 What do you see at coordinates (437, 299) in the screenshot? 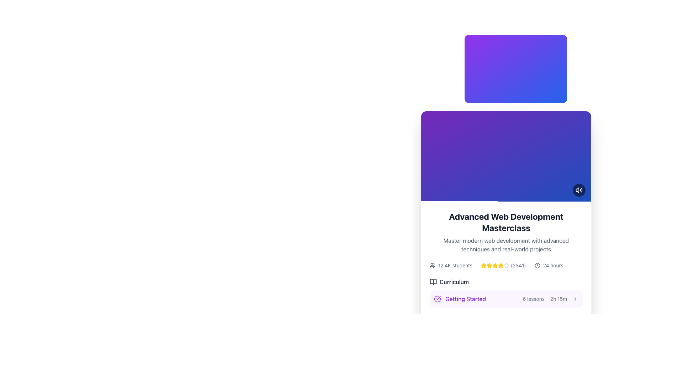
I see `the completion icon indicating the status of the 'Getting Started' section, located to the left of the text 'Getting Started'` at bounding box center [437, 299].